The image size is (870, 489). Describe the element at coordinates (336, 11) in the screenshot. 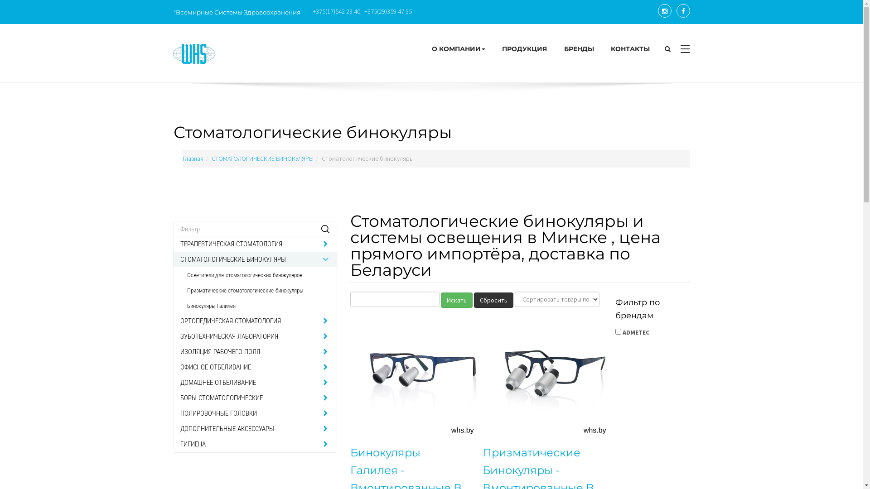

I see `'+375(17)542 23 40'` at that location.